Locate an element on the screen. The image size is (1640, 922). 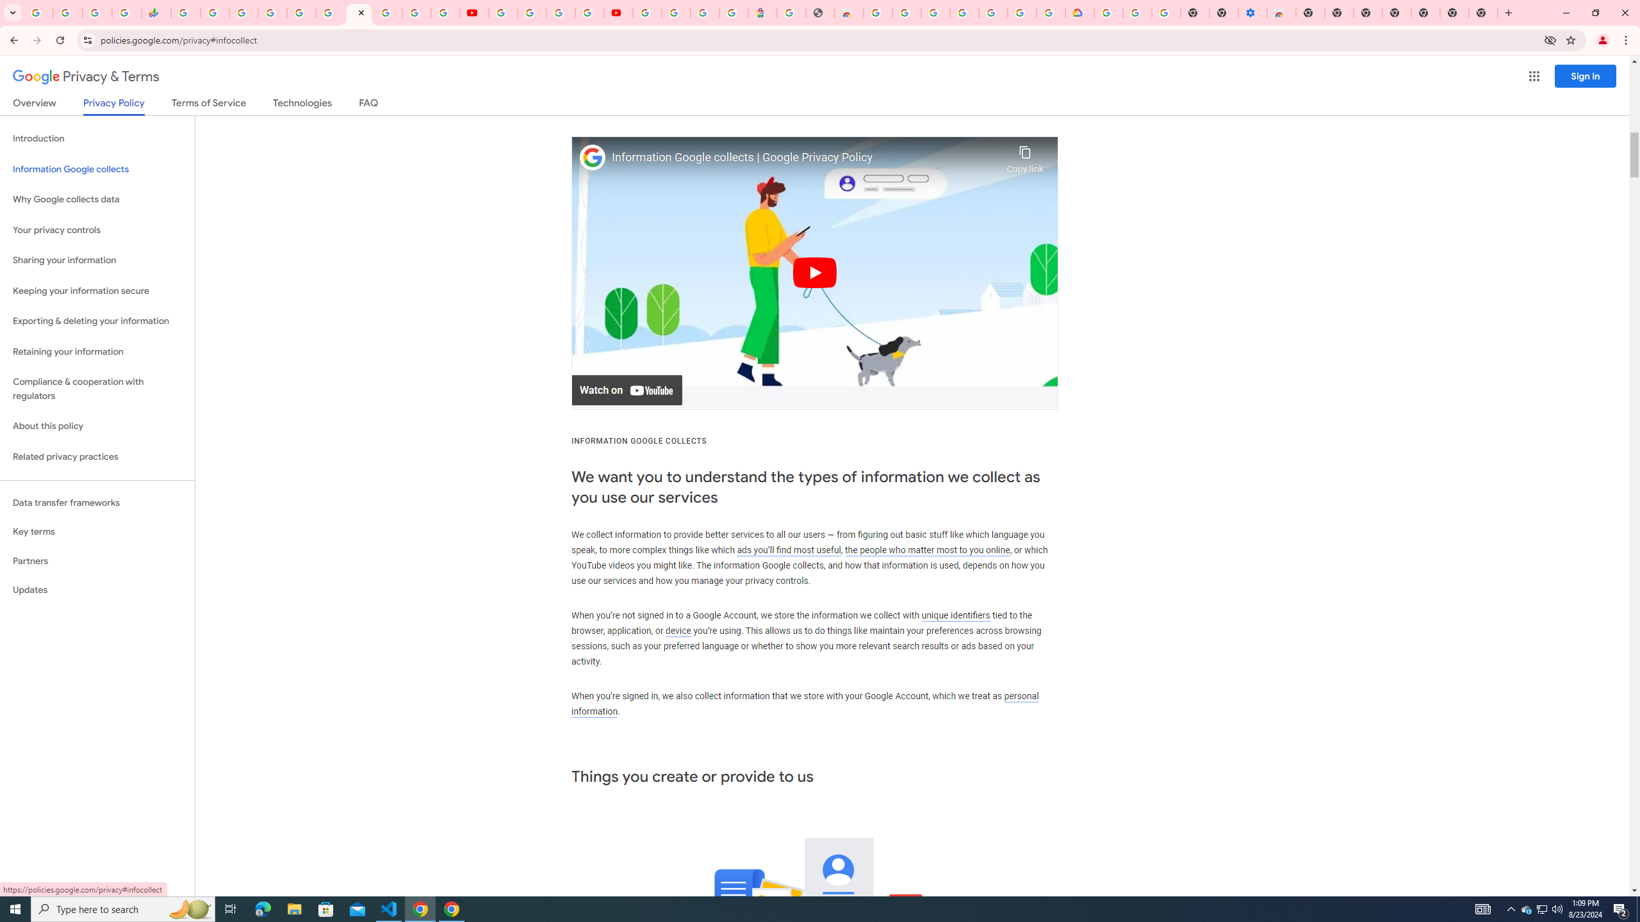
'Sign in' is located at coordinates (1585, 76).